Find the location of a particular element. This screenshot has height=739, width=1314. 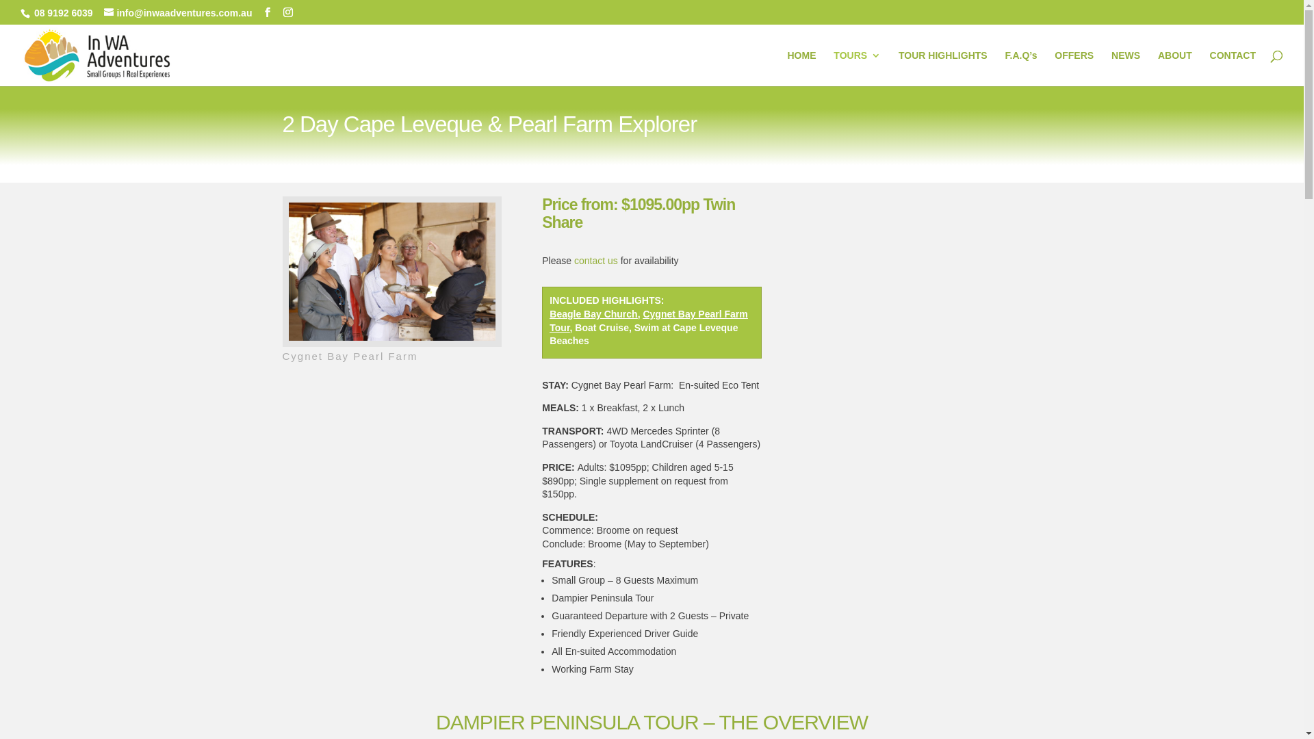

'HOME' is located at coordinates (801, 68).